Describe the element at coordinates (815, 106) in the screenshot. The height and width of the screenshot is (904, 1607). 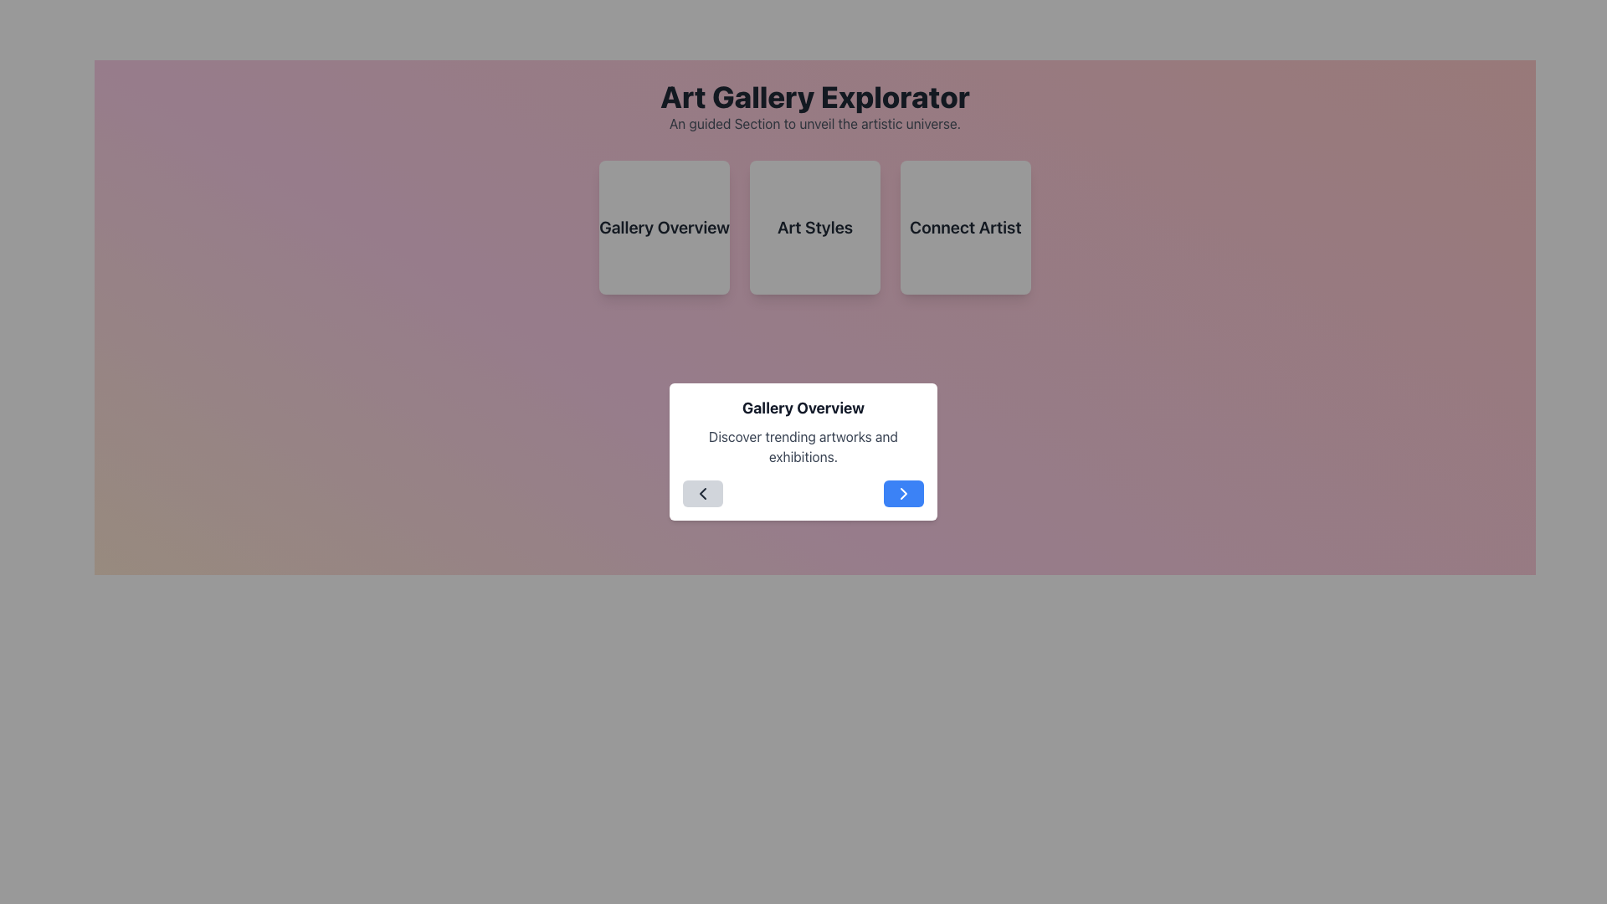
I see `the text block located at the top-center of the page, which serves as a title and brief description for the section` at that location.